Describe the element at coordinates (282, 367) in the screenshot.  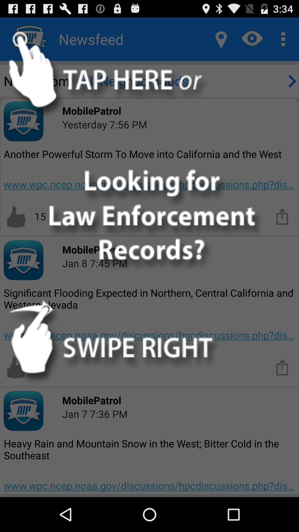
I see `upload data` at that location.